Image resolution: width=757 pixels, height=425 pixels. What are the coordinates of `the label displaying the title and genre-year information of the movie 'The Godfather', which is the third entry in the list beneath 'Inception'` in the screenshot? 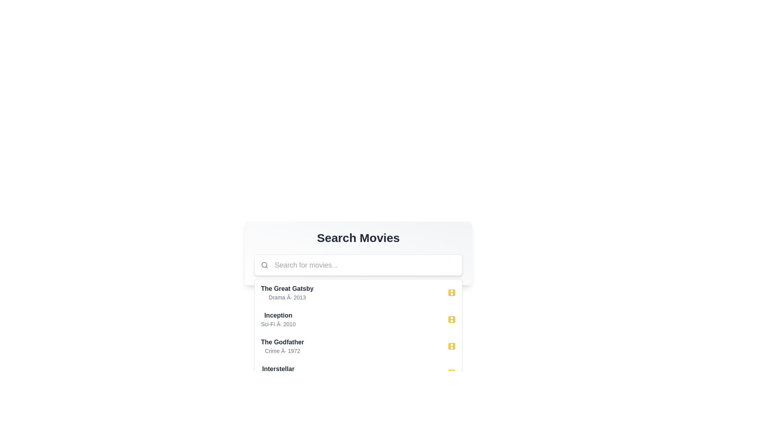 It's located at (282, 346).